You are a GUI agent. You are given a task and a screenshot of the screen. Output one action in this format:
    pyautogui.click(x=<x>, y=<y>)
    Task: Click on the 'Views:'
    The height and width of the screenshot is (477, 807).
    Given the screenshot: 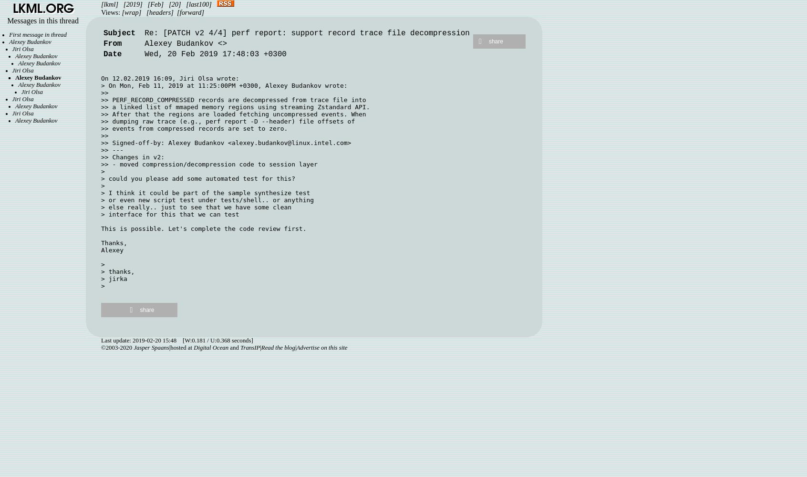 What is the action you would take?
    pyautogui.click(x=111, y=12)
    